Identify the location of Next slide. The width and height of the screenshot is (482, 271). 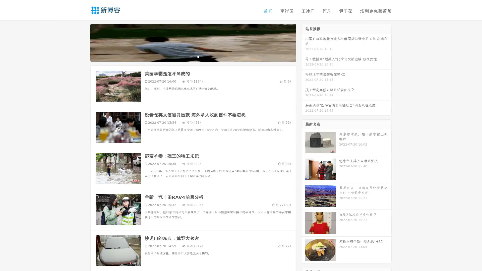
(303, 42).